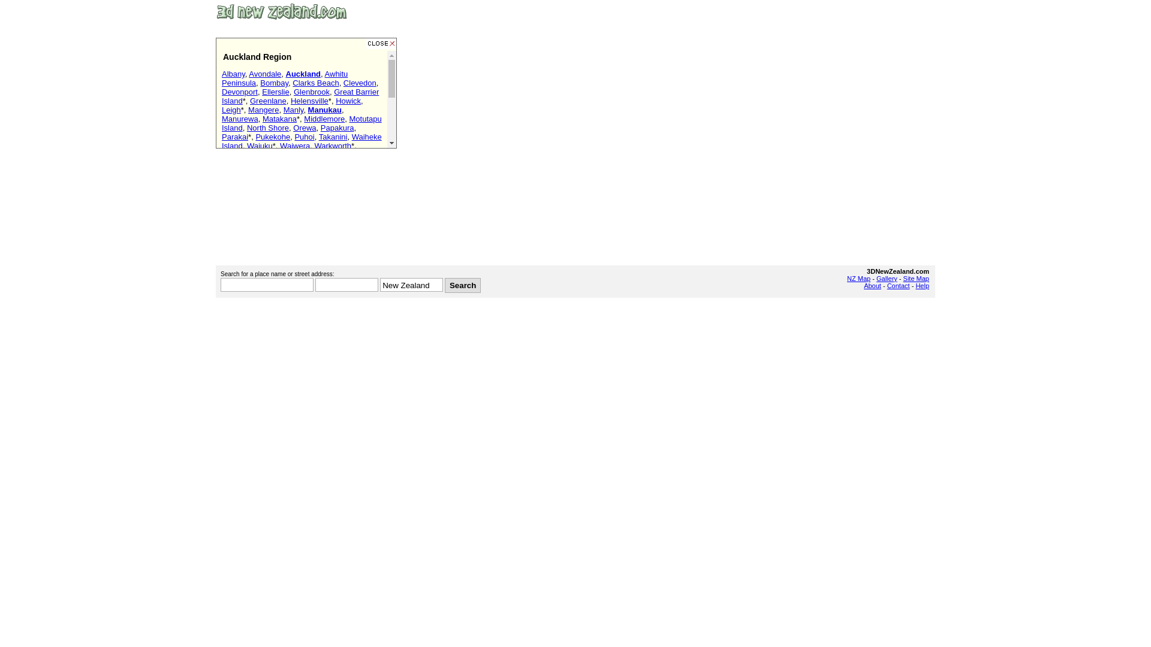 This screenshot has width=1151, height=647. What do you see at coordinates (267, 100) in the screenshot?
I see `'Greenlane'` at bounding box center [267, 100].